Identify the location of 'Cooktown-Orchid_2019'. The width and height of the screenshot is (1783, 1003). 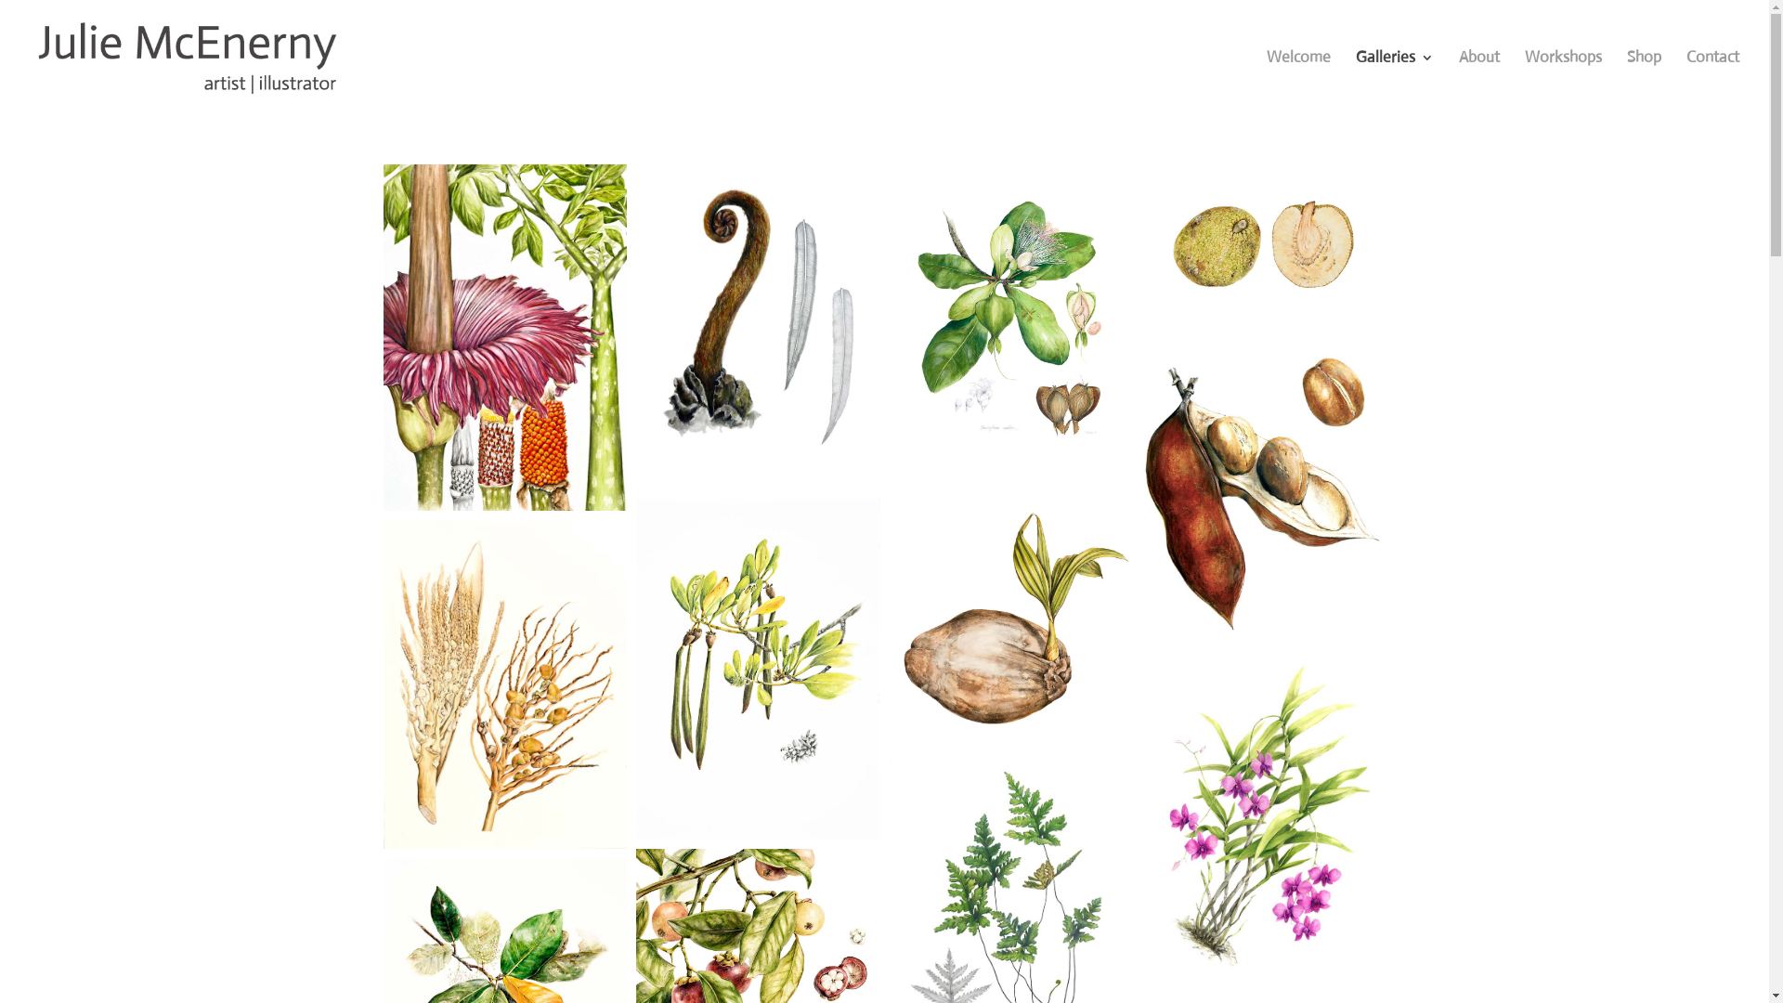
(1140, 816).